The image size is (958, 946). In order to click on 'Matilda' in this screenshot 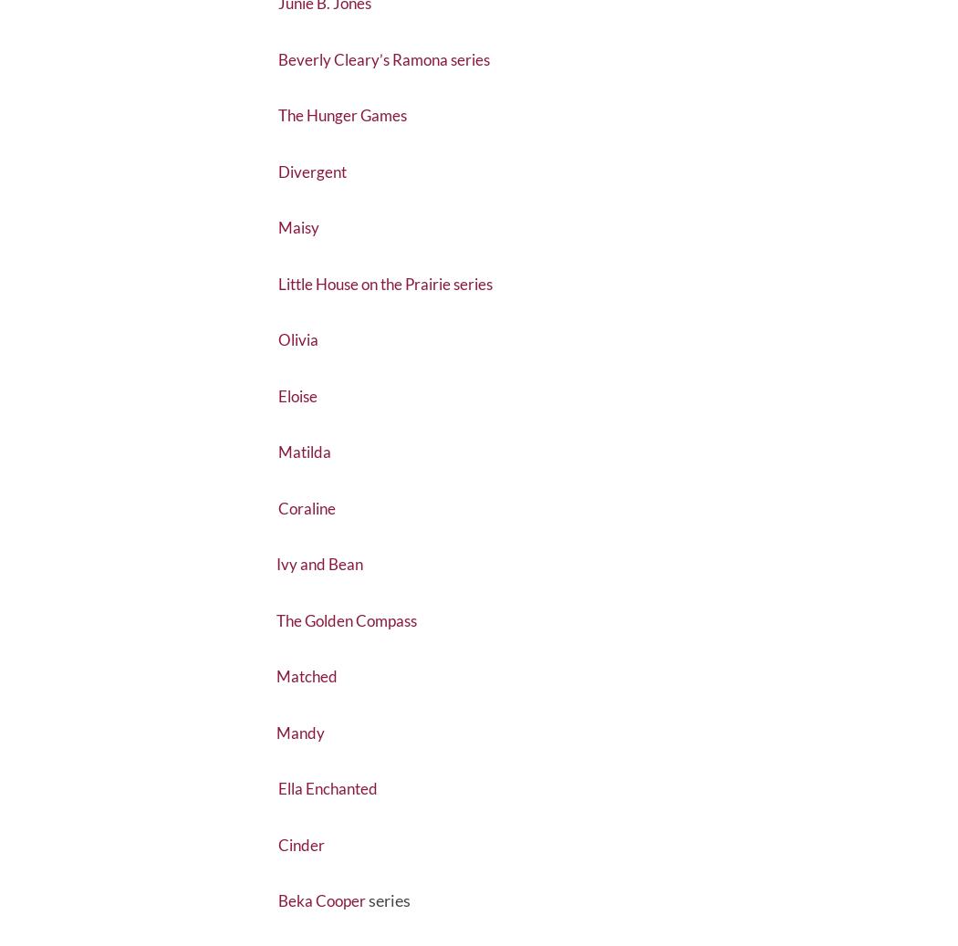, I will do `click(307, 497)`.